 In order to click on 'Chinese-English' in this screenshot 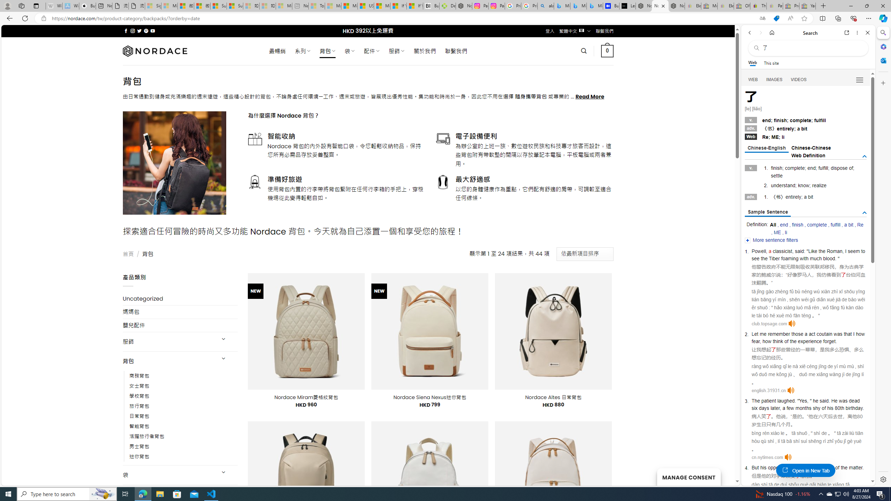, I will do `click(766, 148)`.